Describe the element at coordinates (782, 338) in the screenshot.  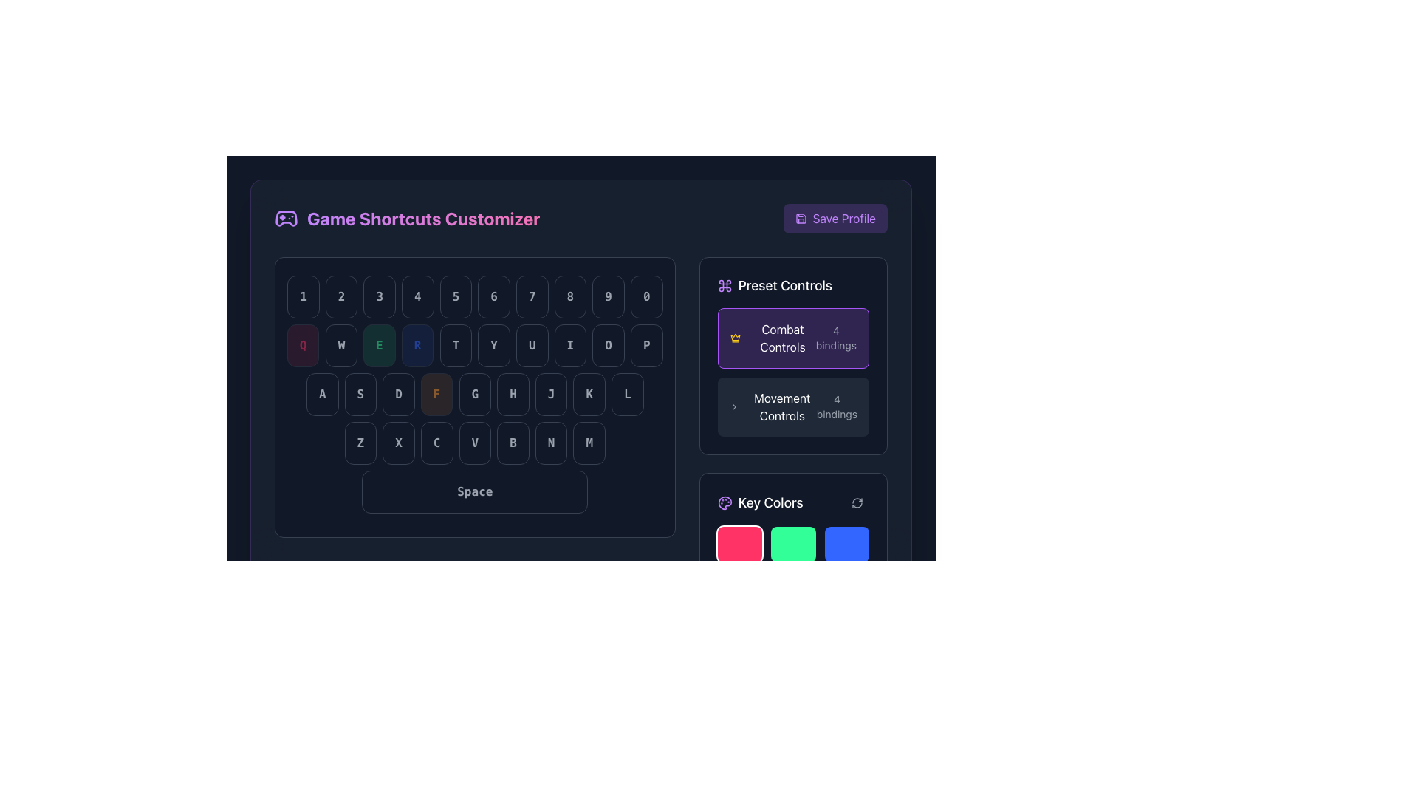
I see `the 'Combat Controls' text label within the selection button using keyboard navigation` at that location.